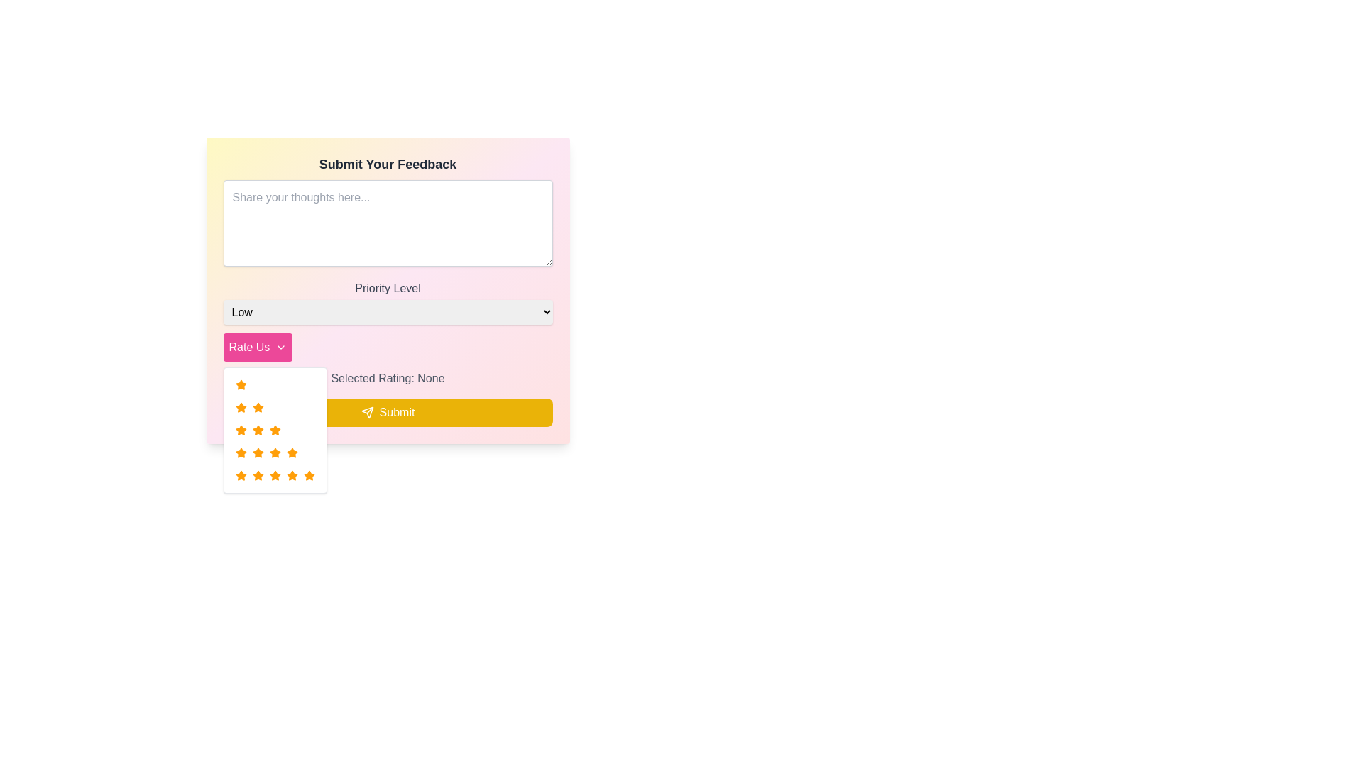 This screenshot has width=1363, height=766. What do you see at coordinates (275, 476) in the screenshot?
I see `the fifth star in the horizontal line of seven rating stars located in the dropdown menu under the 'Rate Us' button` at bounding box center [275, 476].